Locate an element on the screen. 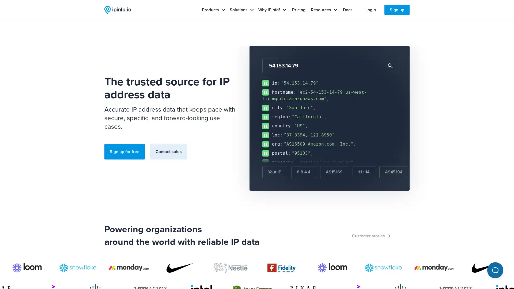  Products is located at coordinates (213, 10).